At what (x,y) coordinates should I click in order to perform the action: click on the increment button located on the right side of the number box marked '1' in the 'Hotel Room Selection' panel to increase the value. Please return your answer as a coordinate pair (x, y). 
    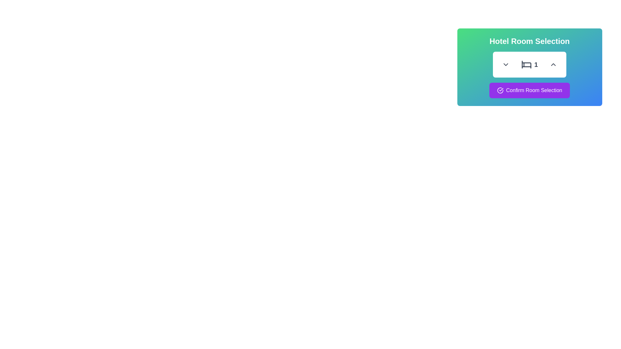
    Looking at the image, I should click on (553, 65).